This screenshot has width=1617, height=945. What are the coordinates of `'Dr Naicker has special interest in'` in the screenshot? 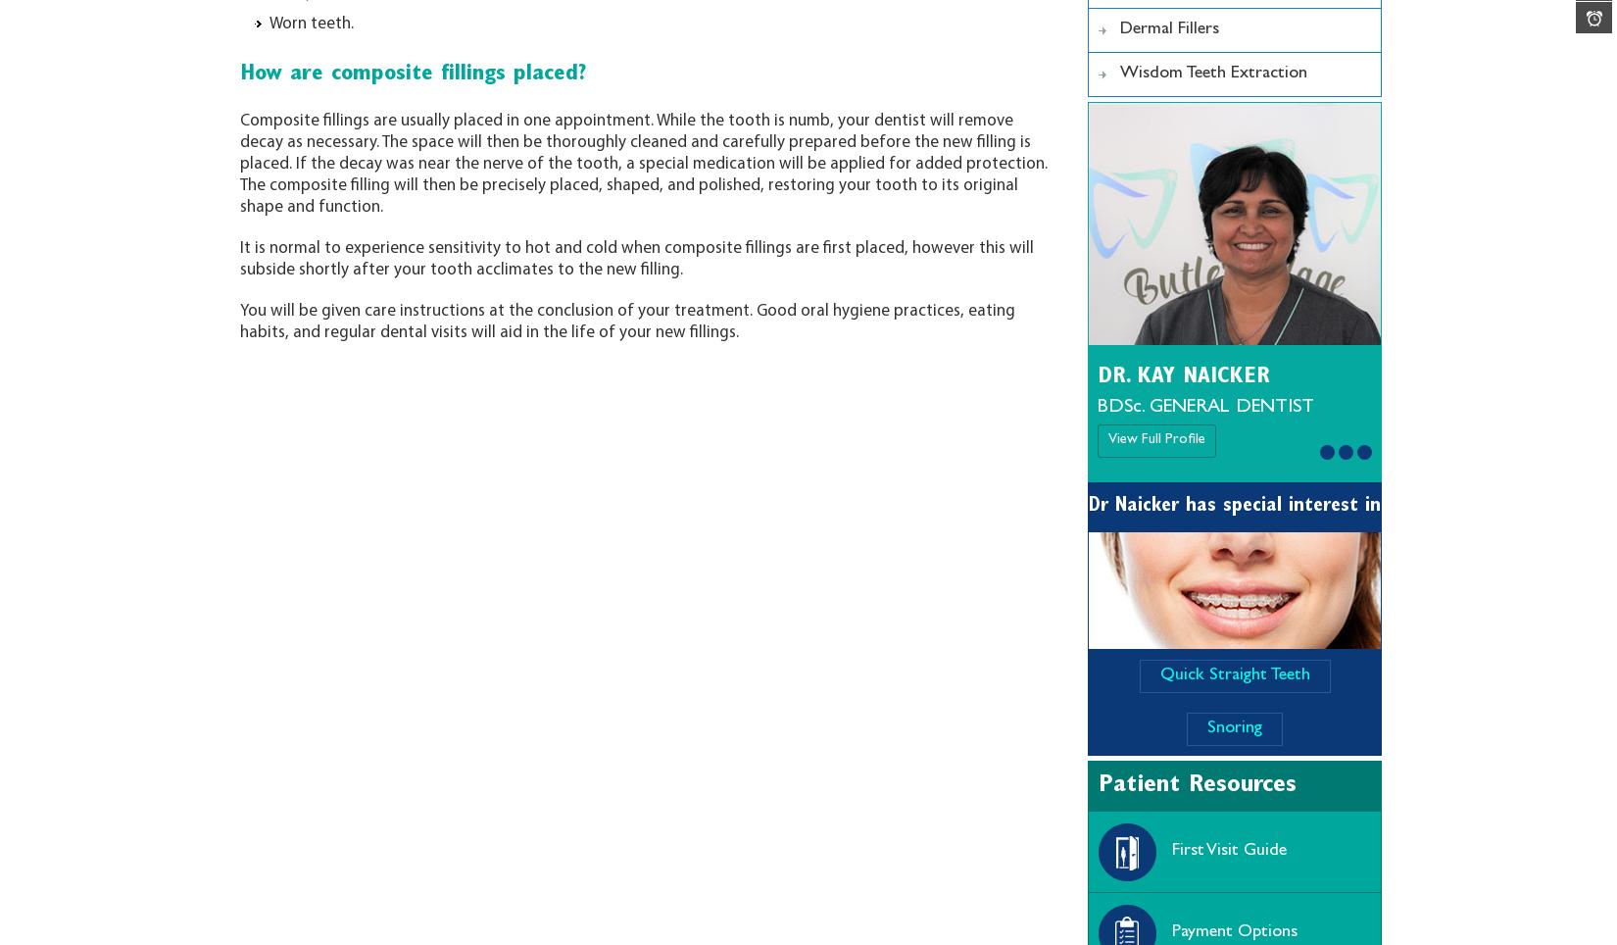 It's located at (1233, 505).